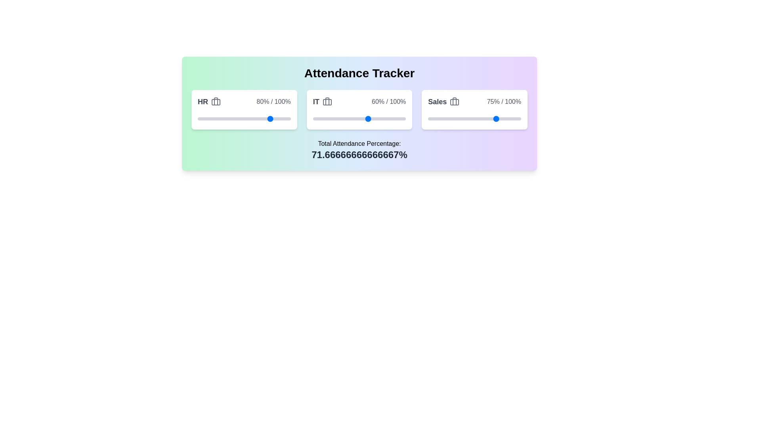 This screenshot has height=428, width=761. I want to click on the Decorative Rectangle element within the briefcase icon in the 'IT' section of the user interface, so click(327, 102).